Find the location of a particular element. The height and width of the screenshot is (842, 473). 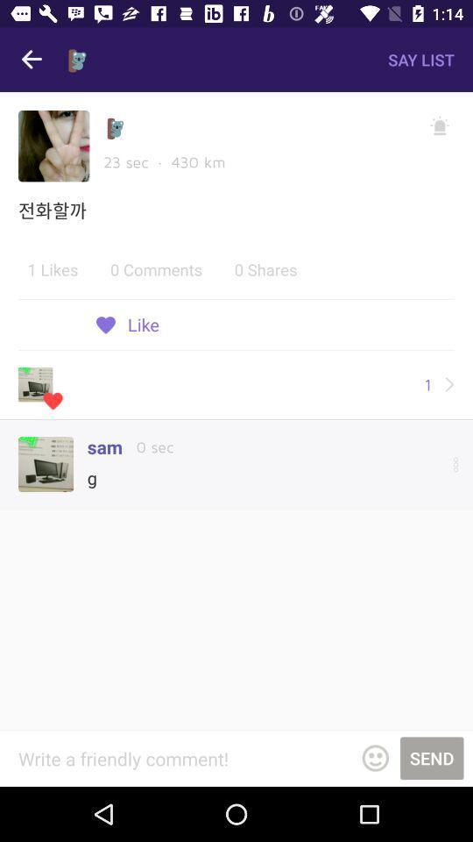

the emoji icon is located at coordinates (374, 757).